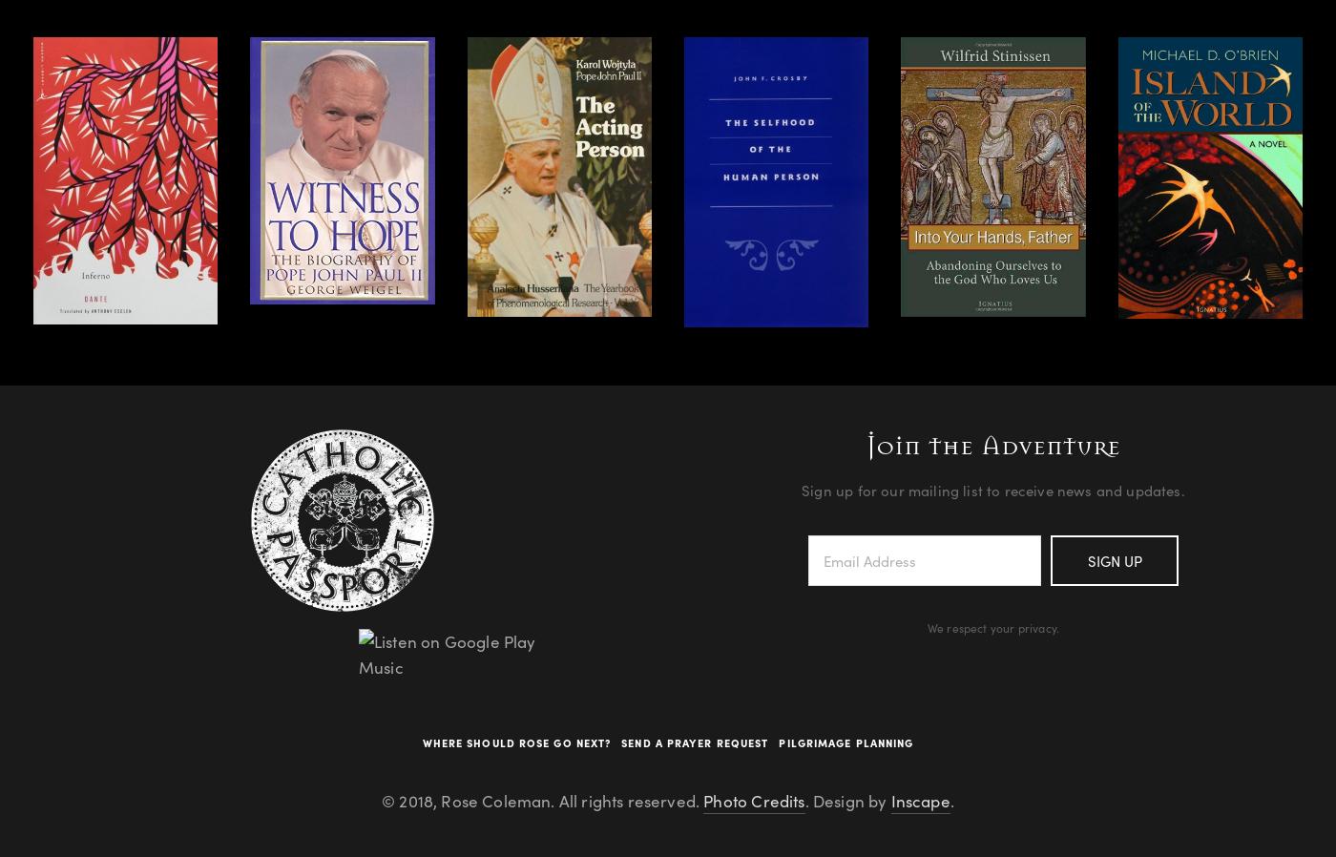 Image resolution: width=1336 pixels, height=857 pixels. Describe the element at coordinates (515, 742) in the screenshot. I see `'Where should Rose go next?'` at that location.